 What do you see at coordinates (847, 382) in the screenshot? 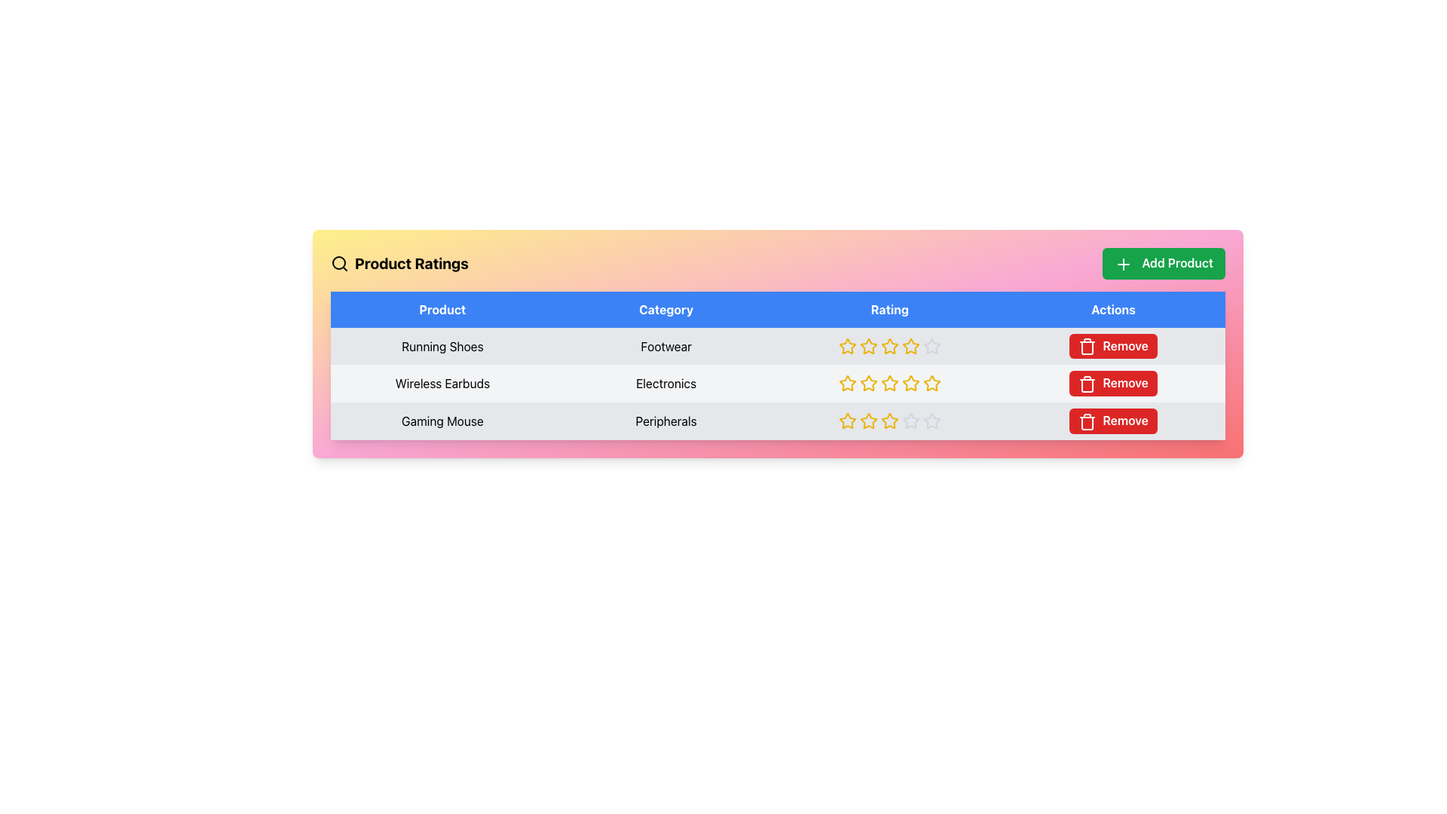
I see `the third star icon in the rating column for the 'Wireless Earbuds' product` at bounding box center [847, 382].